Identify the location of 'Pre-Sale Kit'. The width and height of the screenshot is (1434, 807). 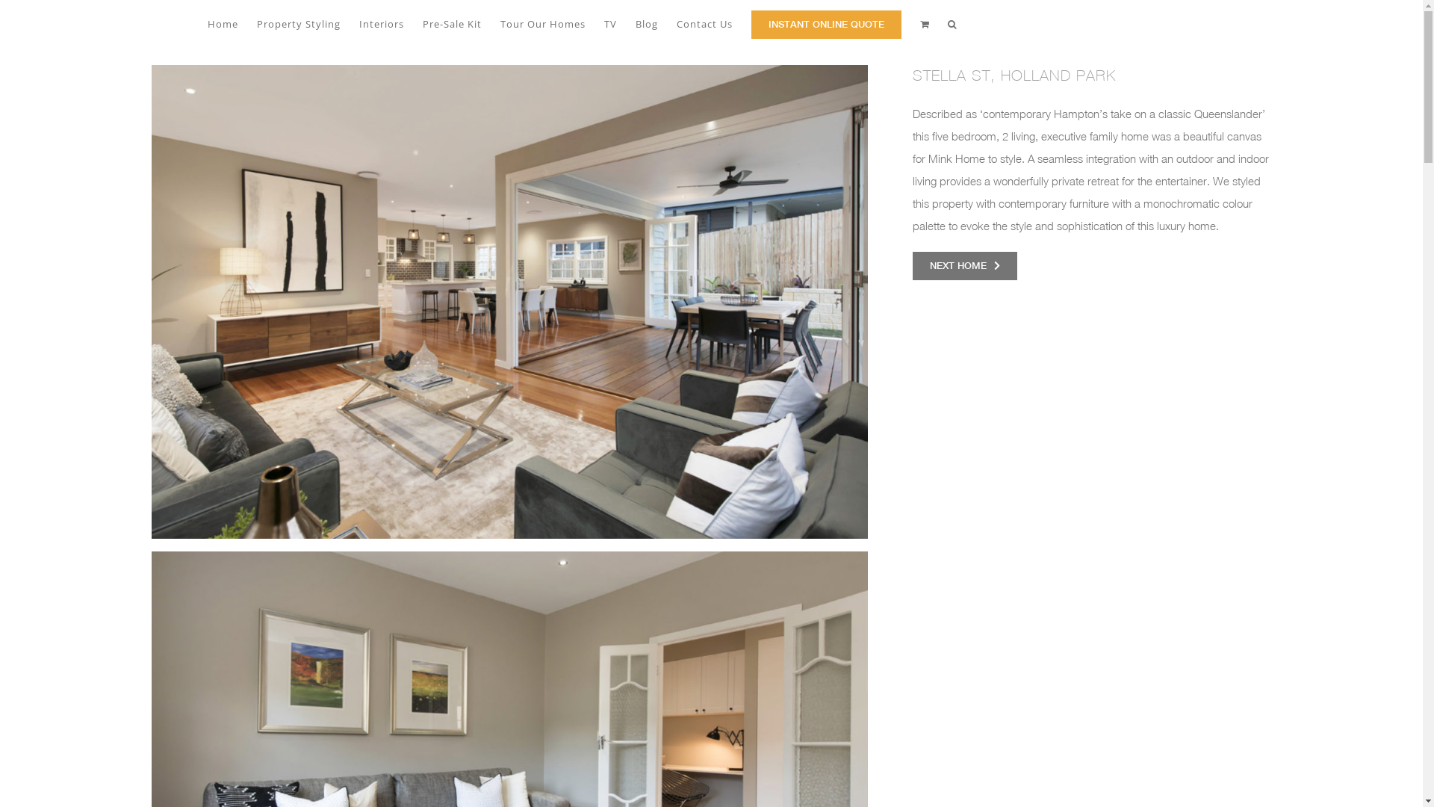
(422, 22).